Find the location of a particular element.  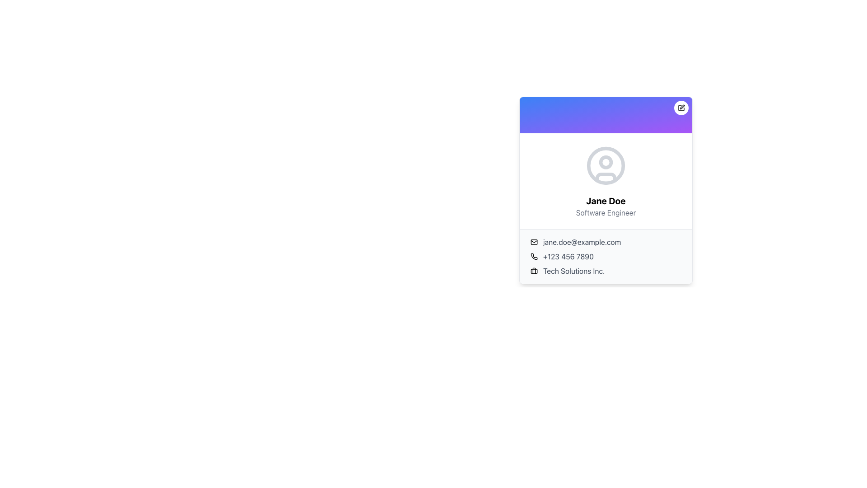

the edit icon located in the top-right corner of the user profile card to initiate editing is located at coordinates (681, 108).